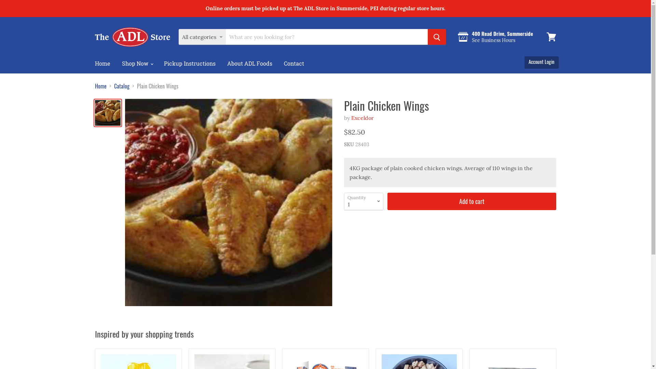  What do you see at coordinates (551, 37) in the screenshot?
I see `'View cart'` at bounding box center [551, 37].